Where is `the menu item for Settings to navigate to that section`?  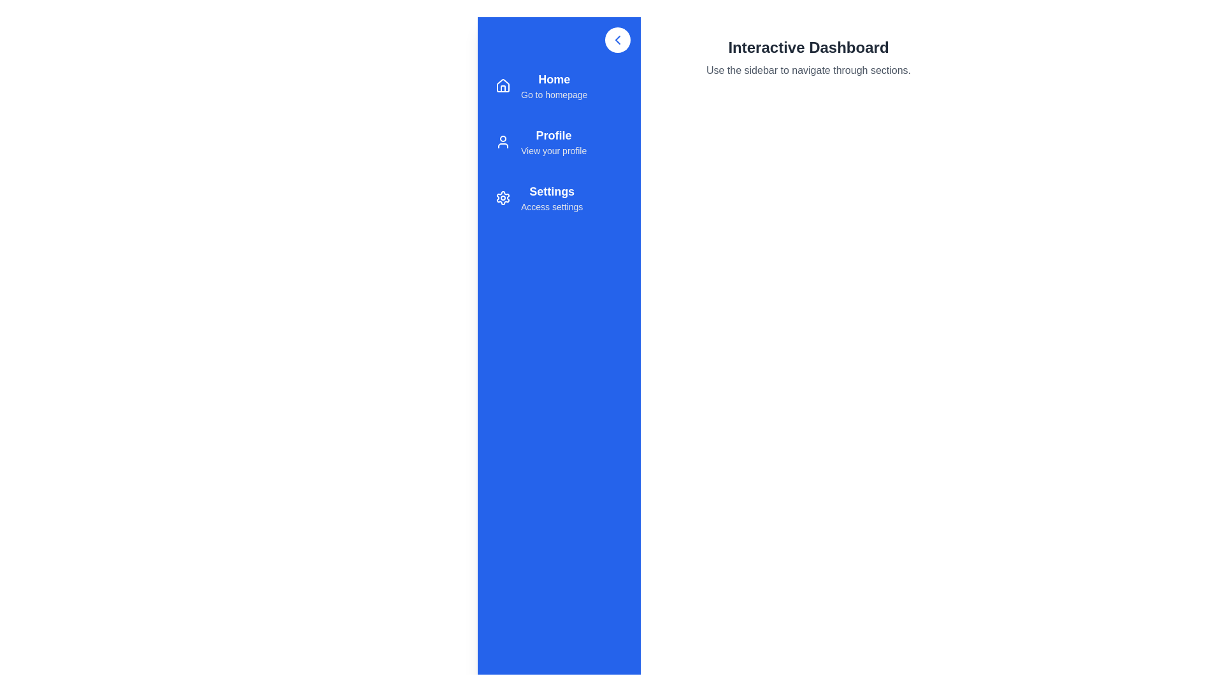
the menu item for Settings to navigate to that section is located at coordinates (559, 198).